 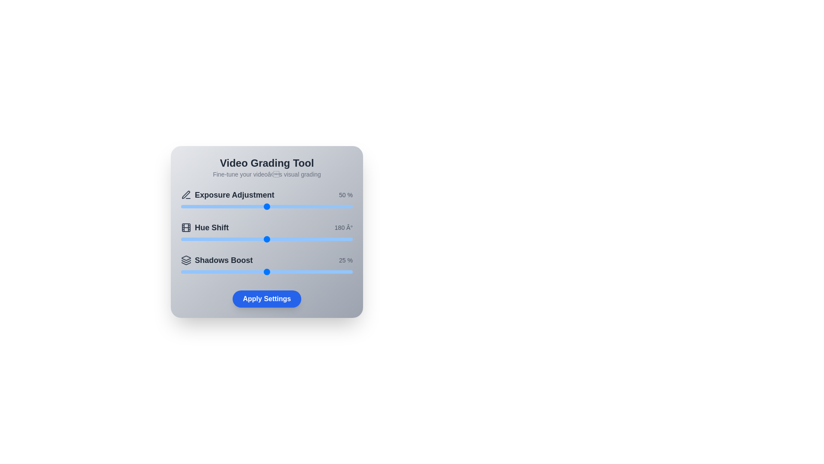 I want to click on the exposure adjustment, so click(x=292, y=207).